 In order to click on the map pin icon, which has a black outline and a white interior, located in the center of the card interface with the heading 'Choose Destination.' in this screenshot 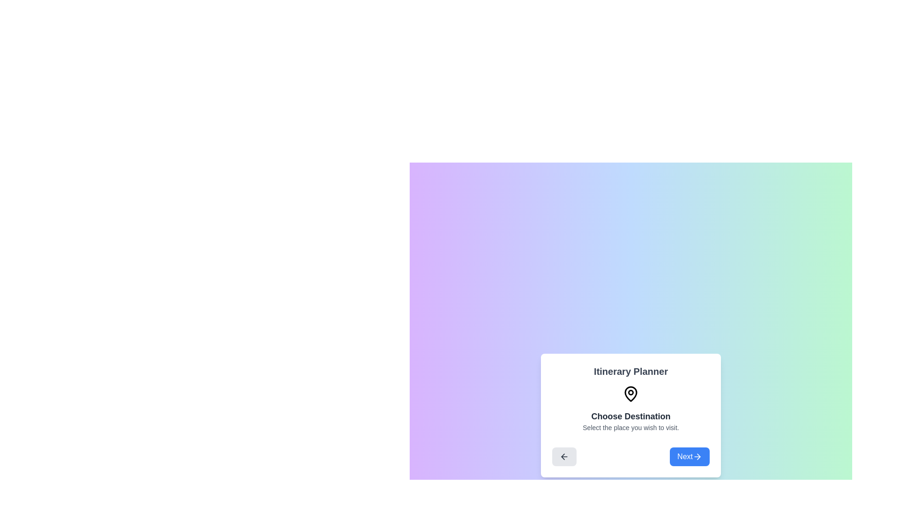, I will do `click(630, 394)`.